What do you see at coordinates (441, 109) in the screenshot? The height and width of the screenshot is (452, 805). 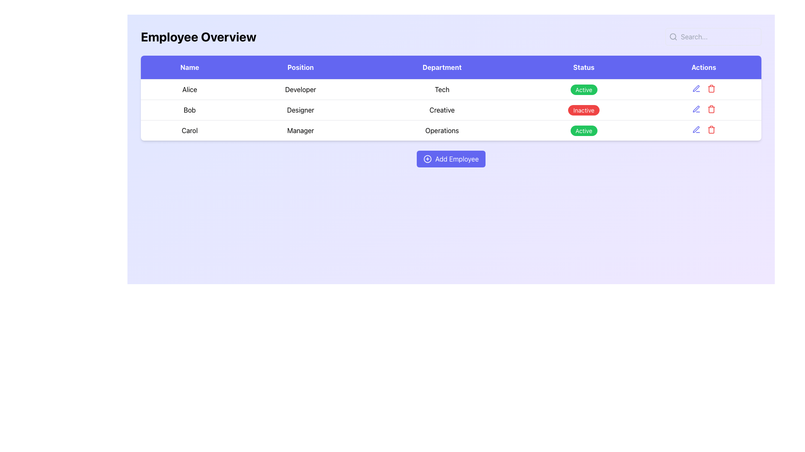 I see `the text label 'Creative' in the 'Department' column of the table row corresponding to 'Bob', who is a 'Designer'` at bounding box center [441, 109].